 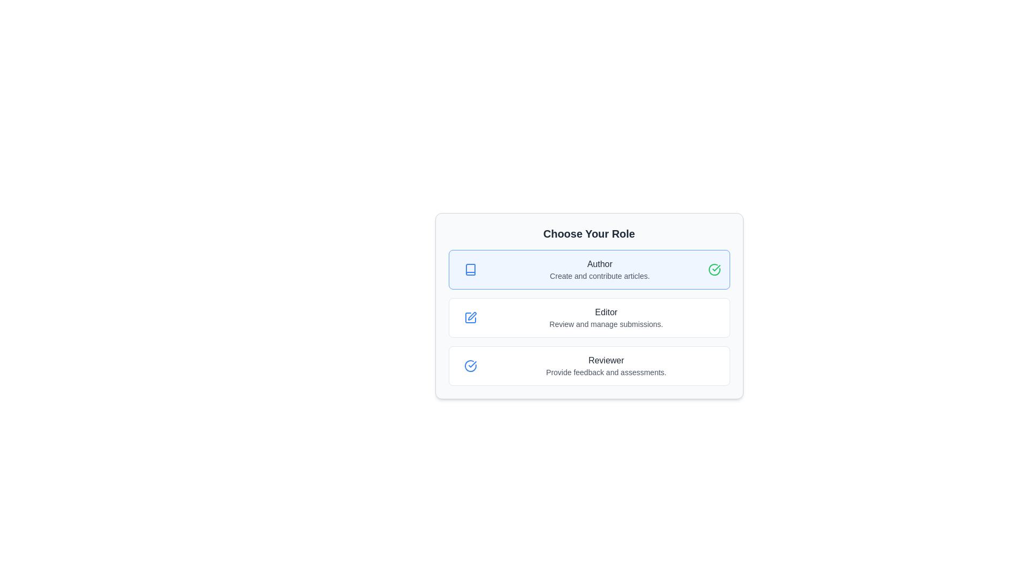 I want to click on section heading text styled in bold, extra-large font that reads 'Choose Your Role', positioned centrally at the top of the role-selection options, so click(x=588, y=233).